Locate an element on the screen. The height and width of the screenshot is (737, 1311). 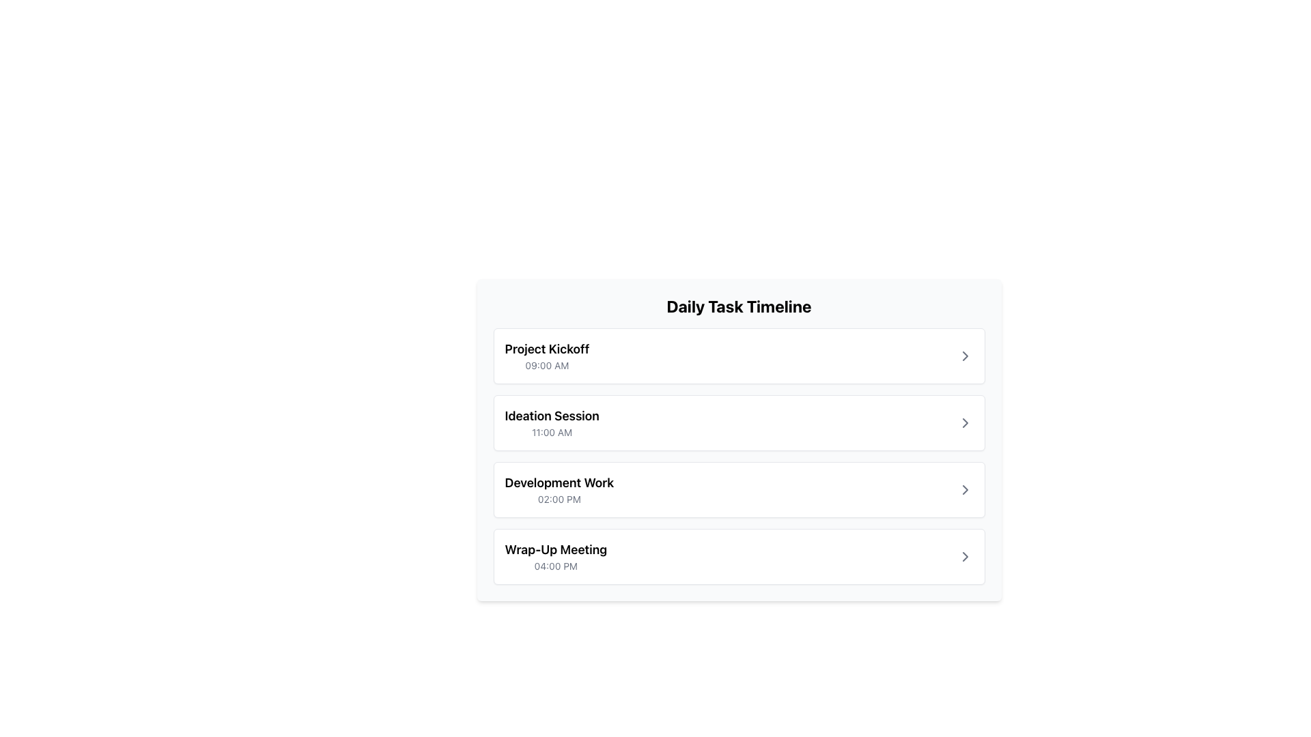
the static text label displaying '11:00 AM', which is styled in a small, gray font and is located below the bolder text 'Ideation Session' in the Daily Task Timeline is located at coordinates (552, 432).